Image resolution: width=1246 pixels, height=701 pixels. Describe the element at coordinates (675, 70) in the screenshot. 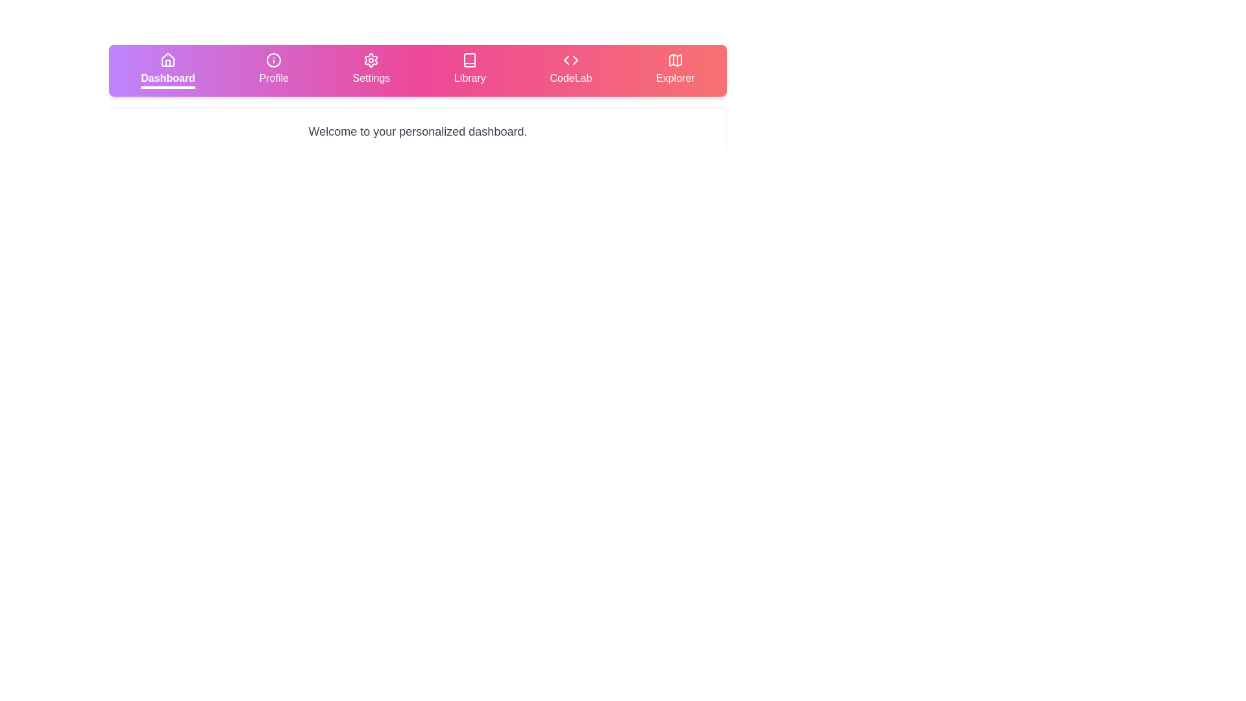

I see `the tab labeled Explorer to display its content` at that location.